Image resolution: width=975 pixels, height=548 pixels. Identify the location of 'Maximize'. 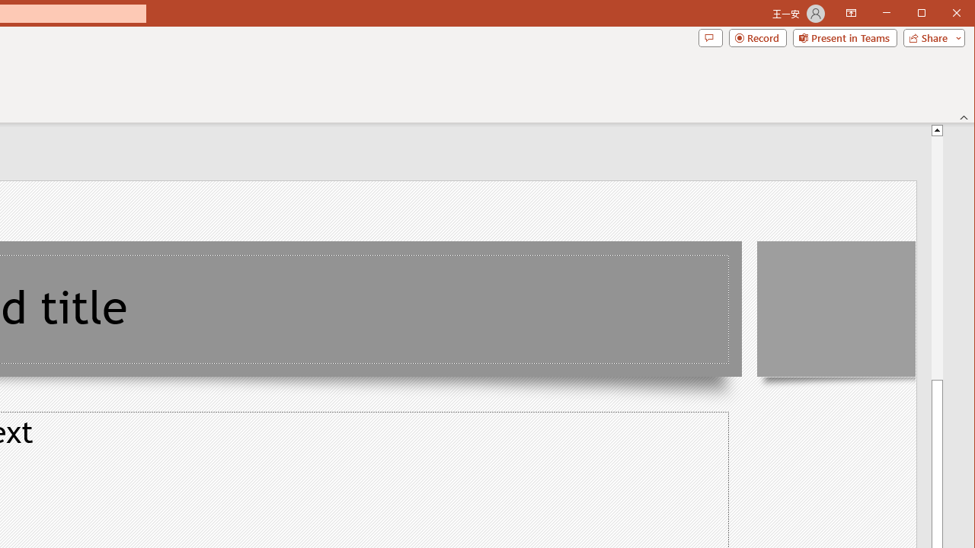
(943, 14).